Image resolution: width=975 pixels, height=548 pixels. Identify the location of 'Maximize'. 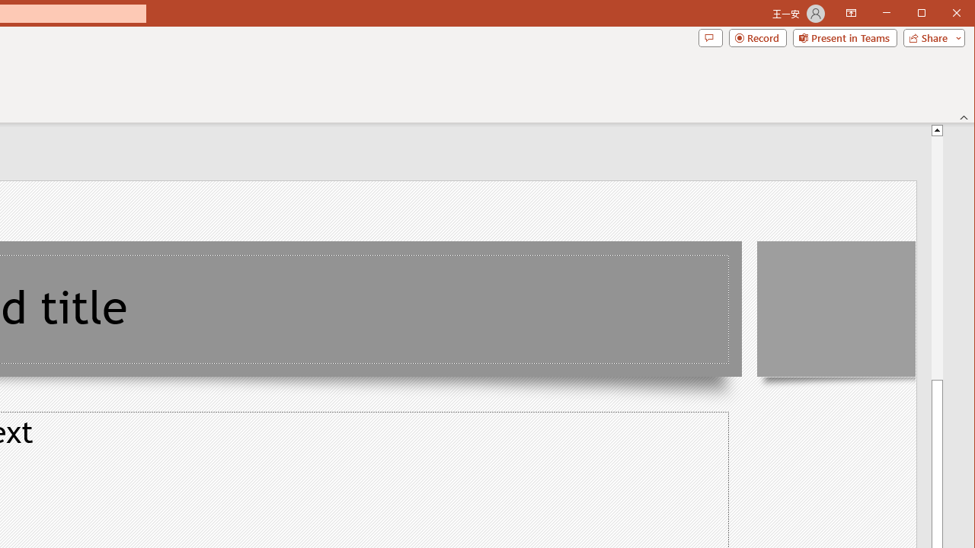
(943, 14).